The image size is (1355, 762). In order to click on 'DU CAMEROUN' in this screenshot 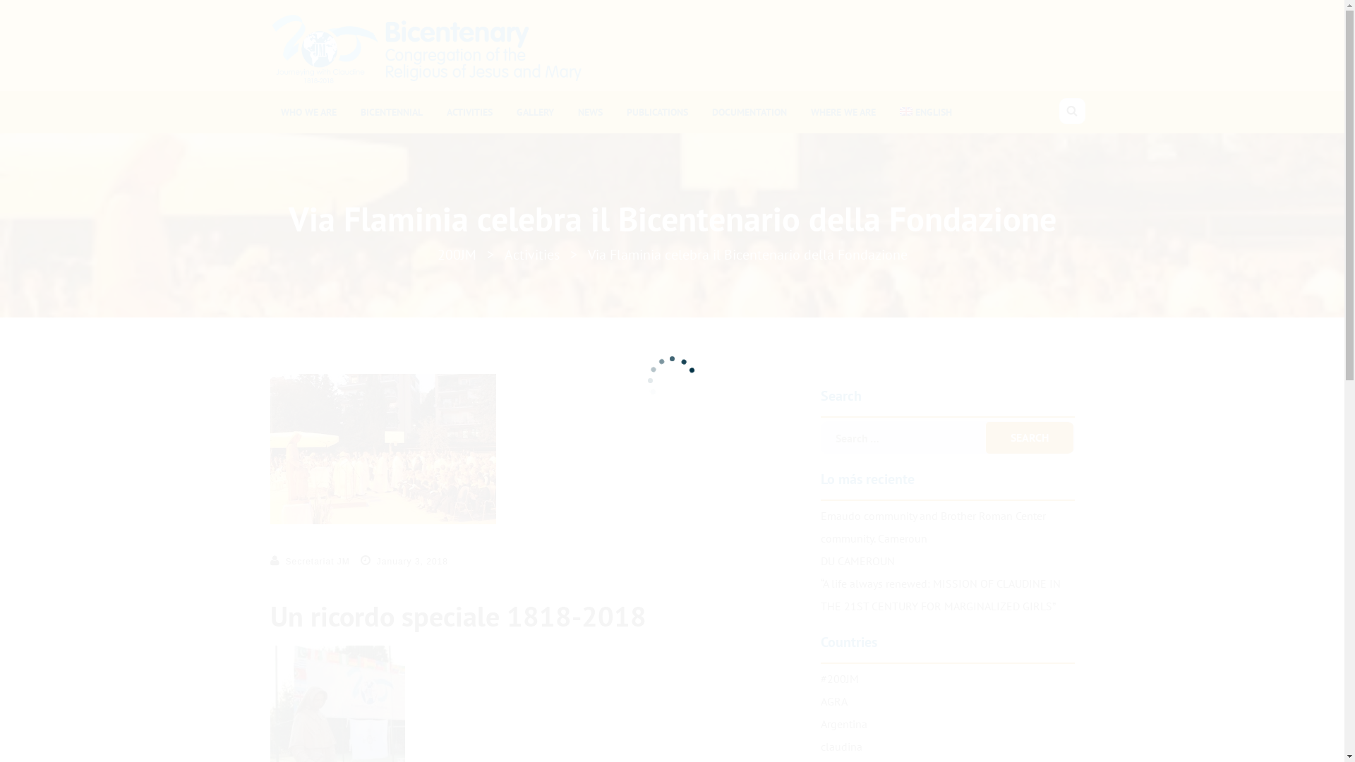, I will do `click(856, 560)`.